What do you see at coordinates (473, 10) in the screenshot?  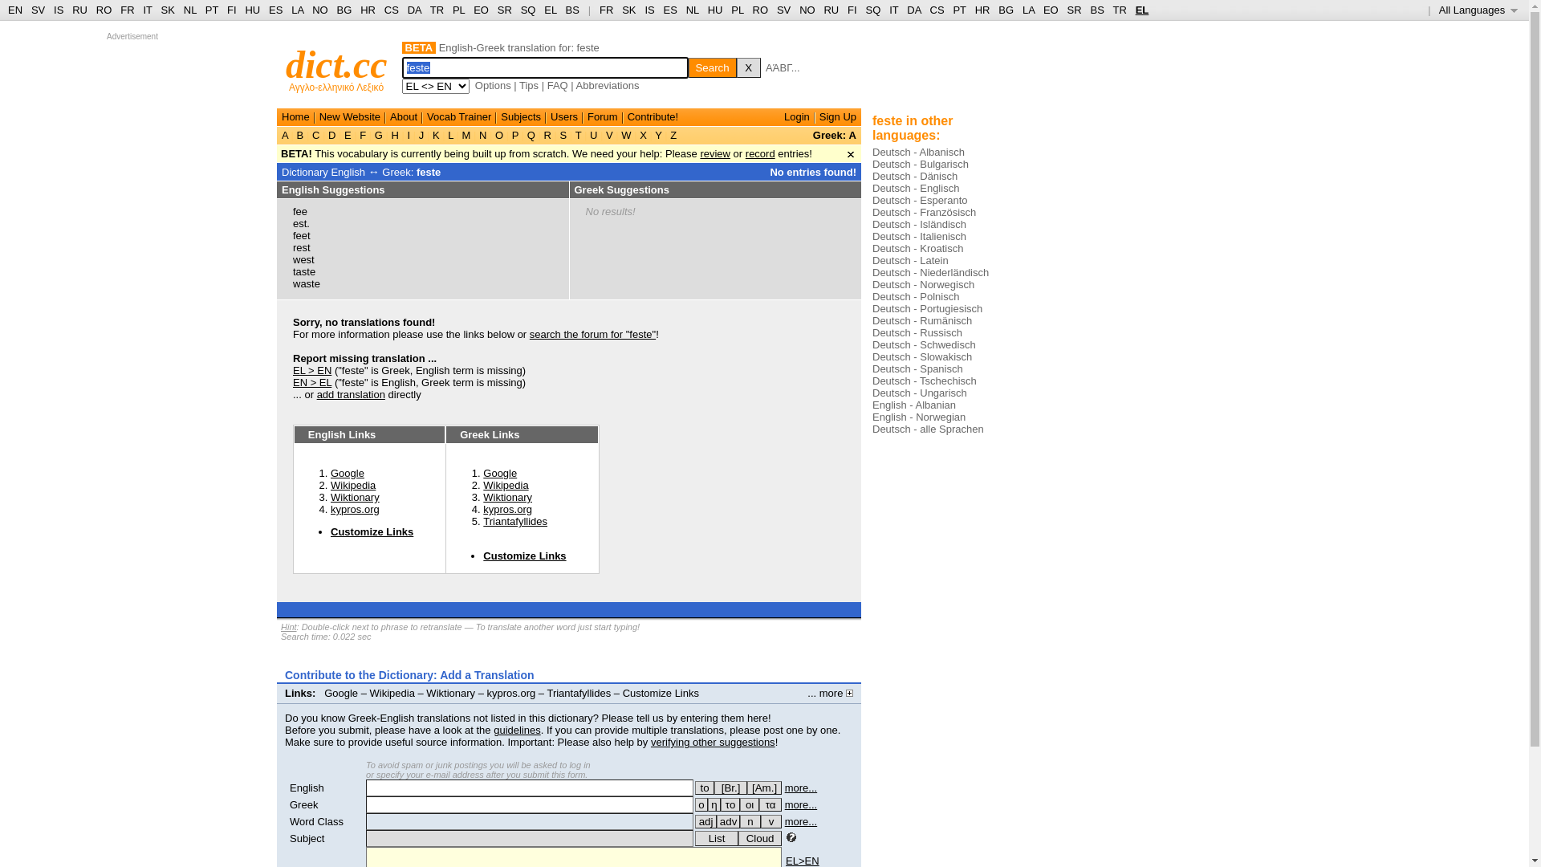 I see `'EO'` at bounding box center [473, 10].